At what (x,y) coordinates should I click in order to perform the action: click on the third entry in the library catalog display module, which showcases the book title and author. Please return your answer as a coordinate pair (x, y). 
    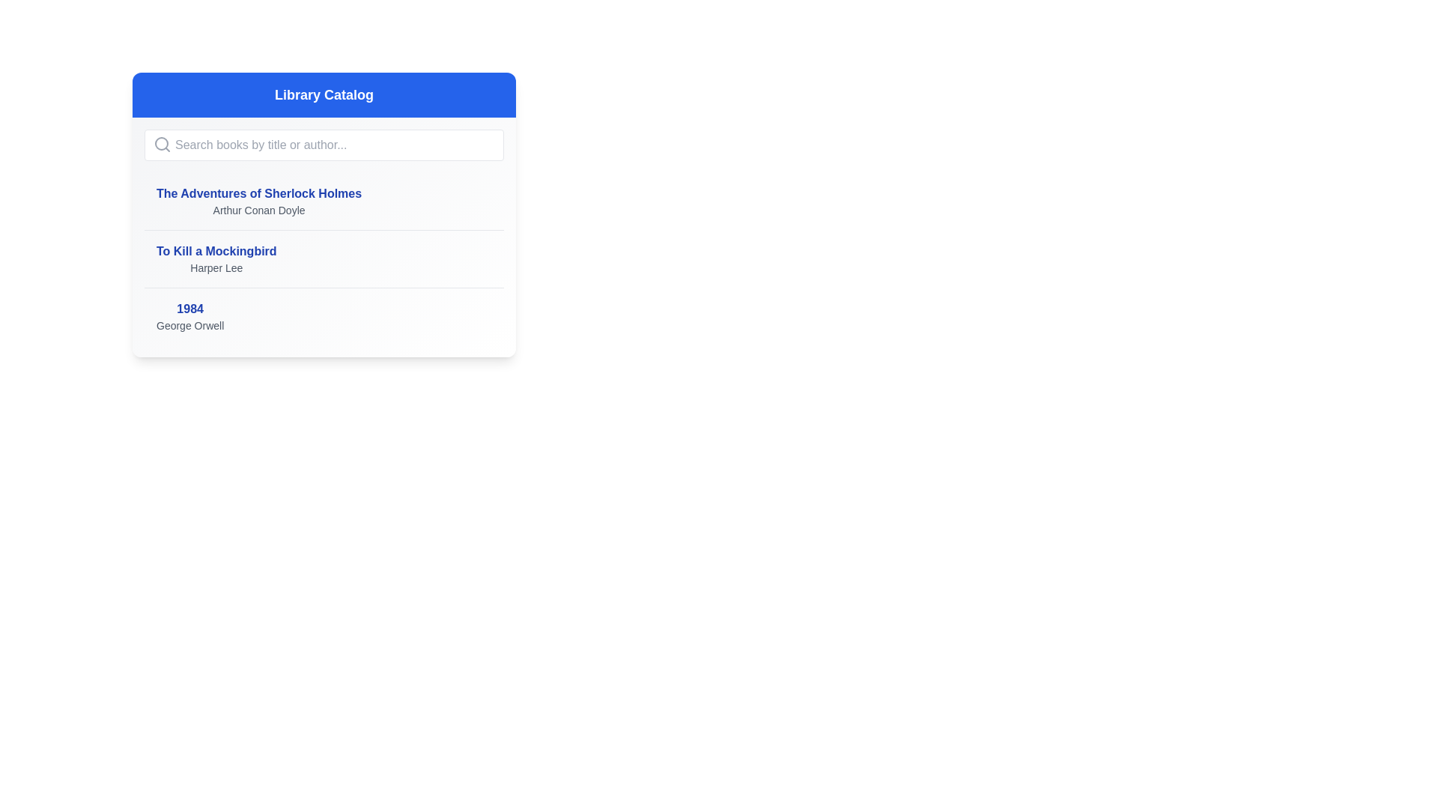
    Looking at the image, I should click on (189, 316).